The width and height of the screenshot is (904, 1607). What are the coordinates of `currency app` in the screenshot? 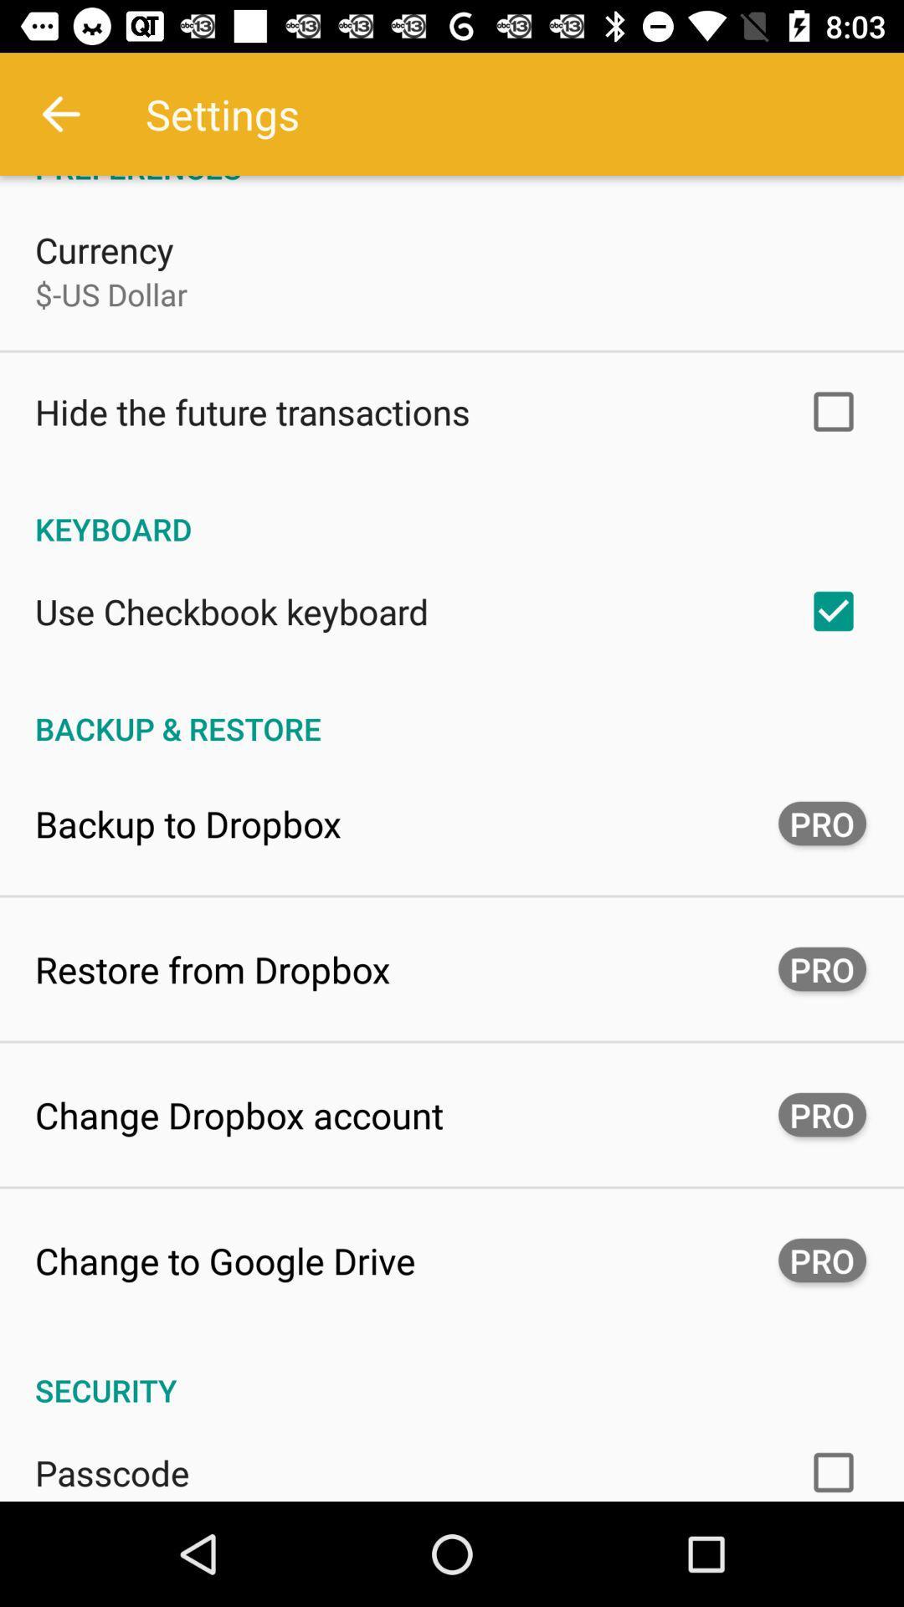 It's located at (104, 249).